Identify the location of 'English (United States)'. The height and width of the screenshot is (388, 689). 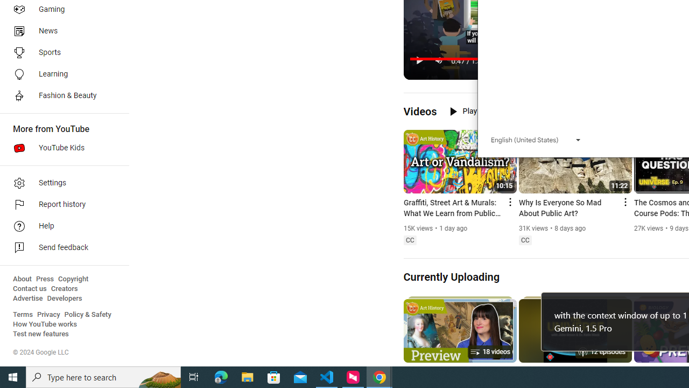
(536, 139).